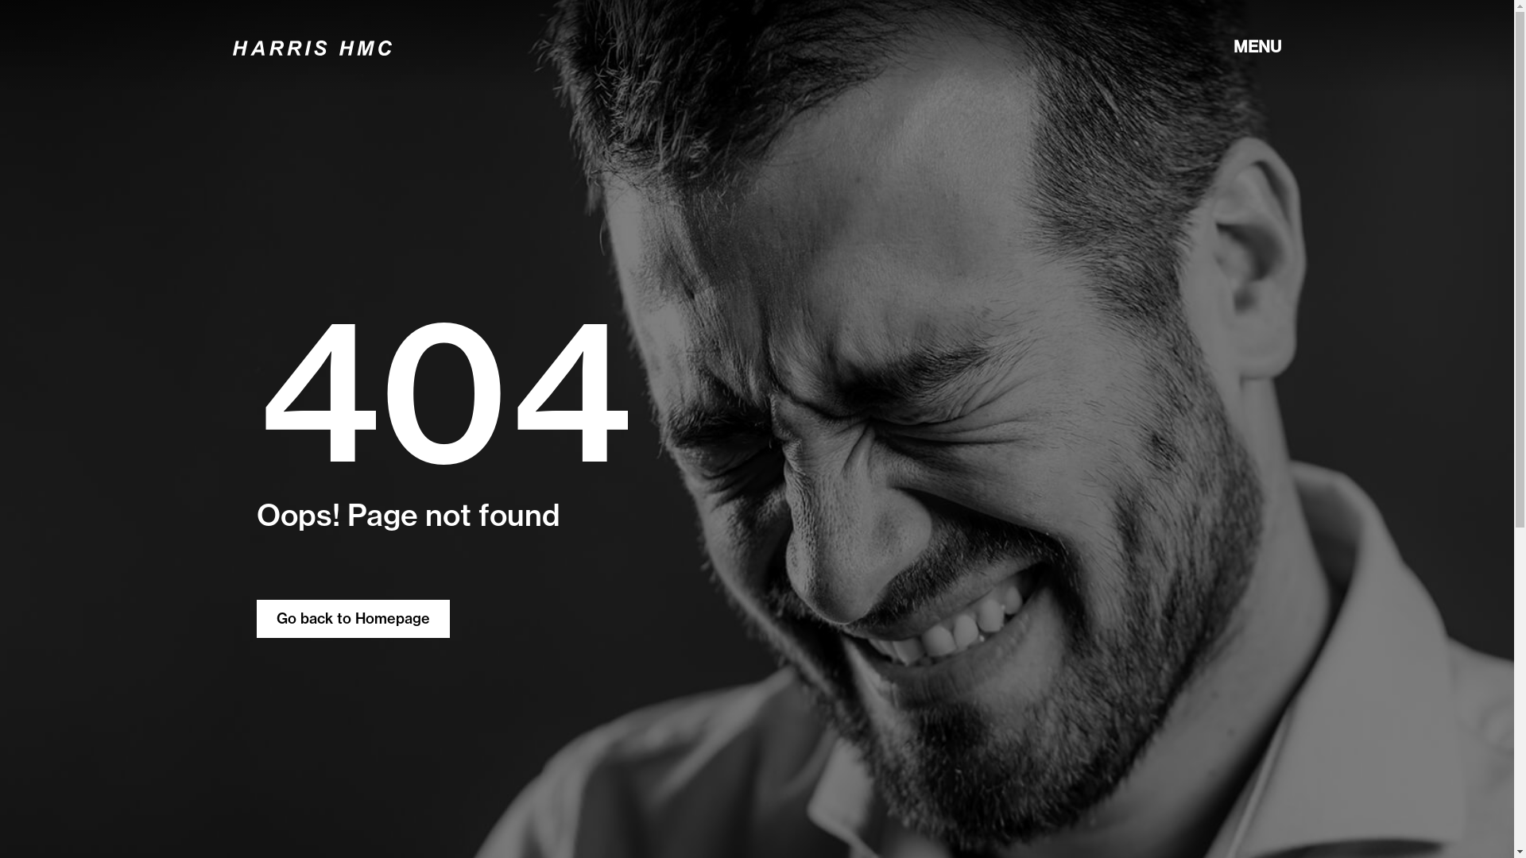 The image size is (1526, 858). I want to click on 'Go back to Homepage', so click(351, 618).